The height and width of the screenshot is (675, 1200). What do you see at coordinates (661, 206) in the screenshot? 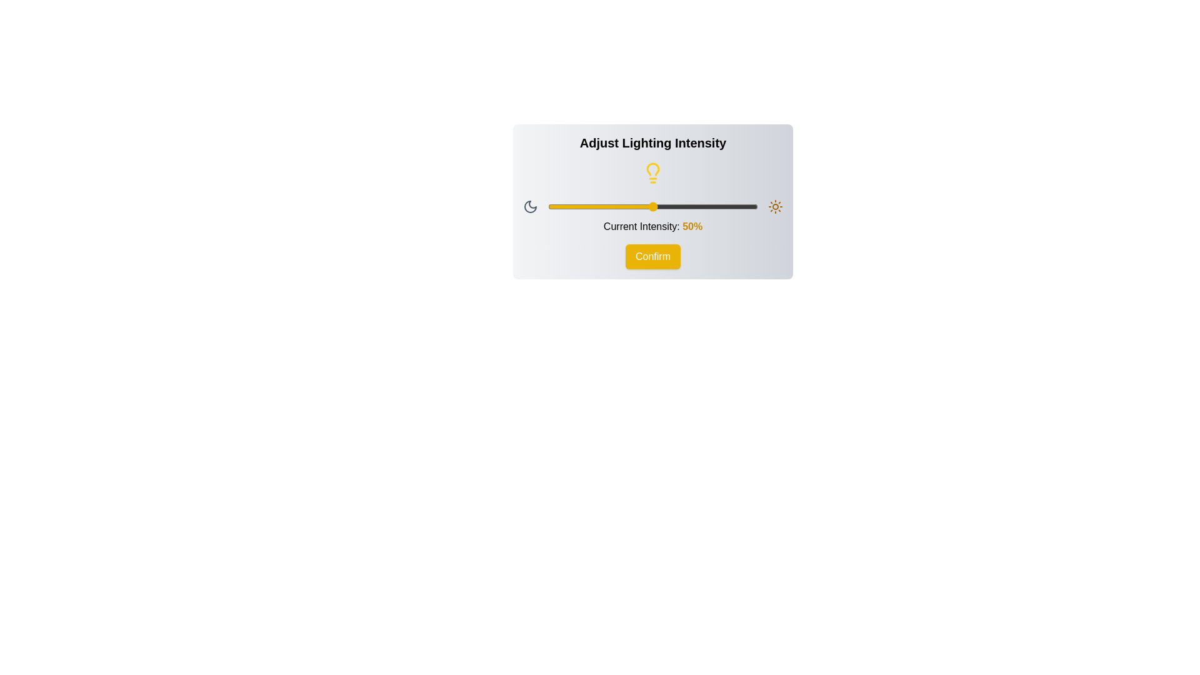
I see `the lighting intensity to 54% using the slider` at bounding box center [661, 206].